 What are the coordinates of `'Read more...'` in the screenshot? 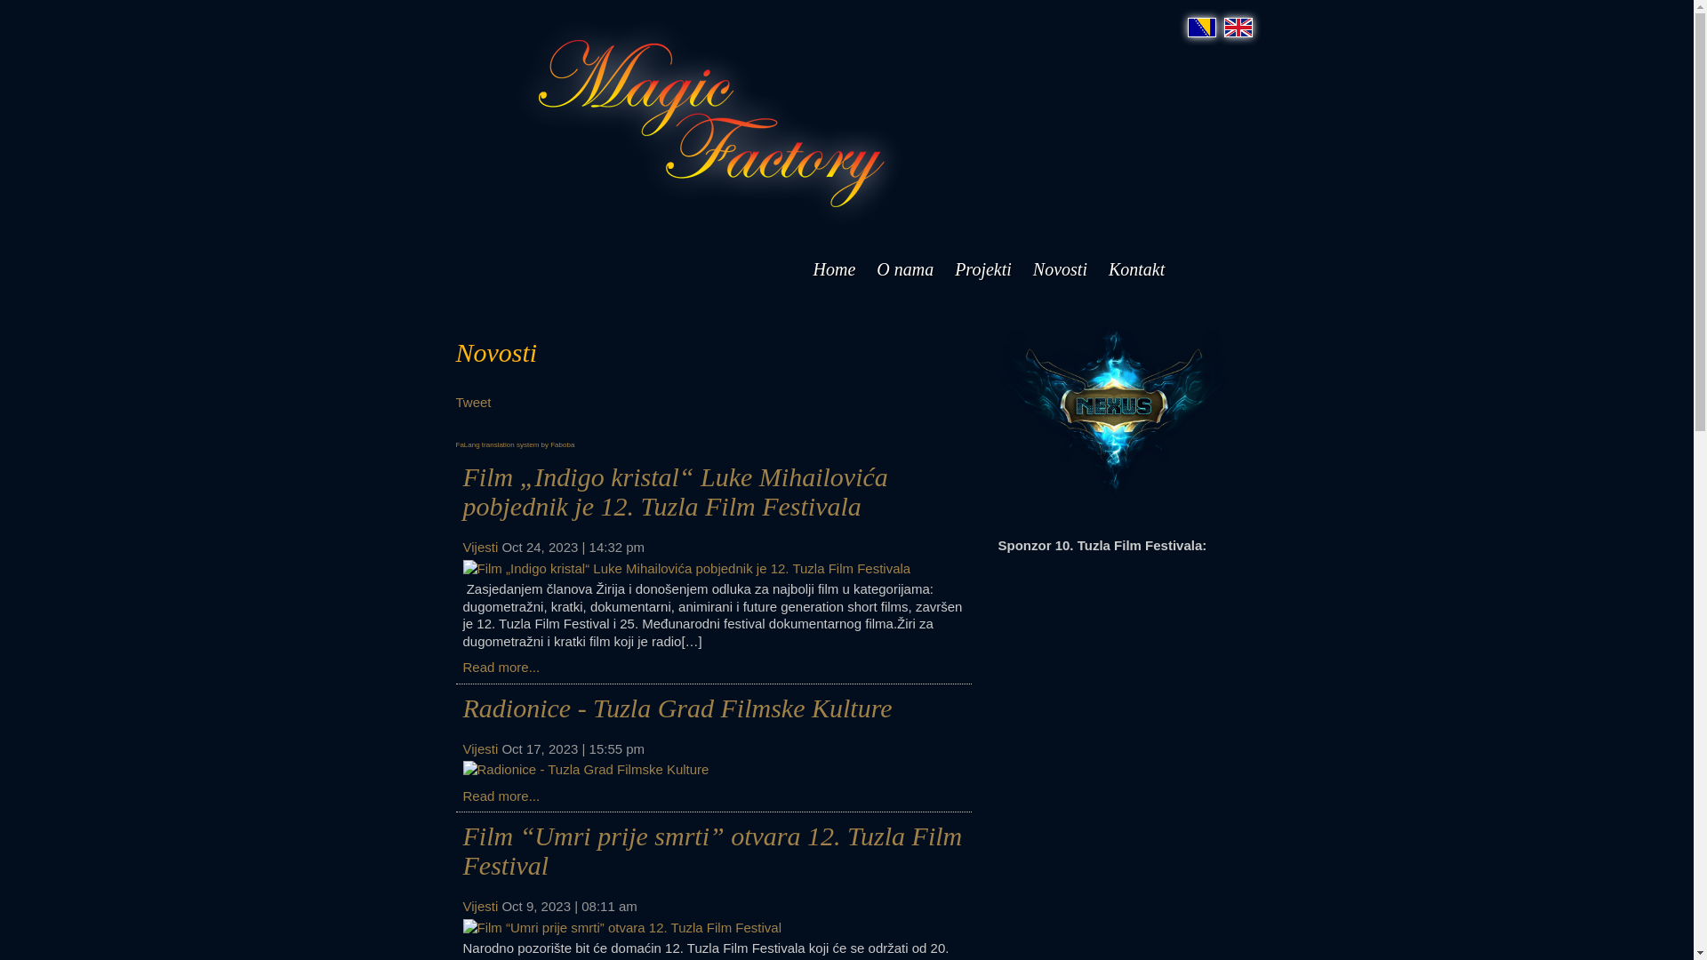 It's located at (500, 794).